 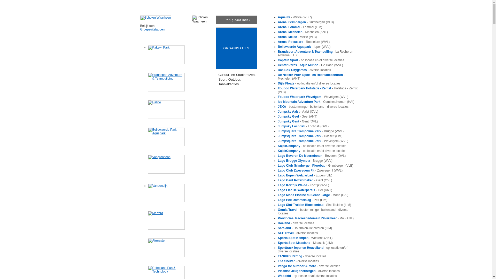 What do you see at coordinates (313, 141) in the screenshot?
I see `'Jumpsquare Trampoline Park - Wevelgem (WVL)'` at bounding box center [313, 141].